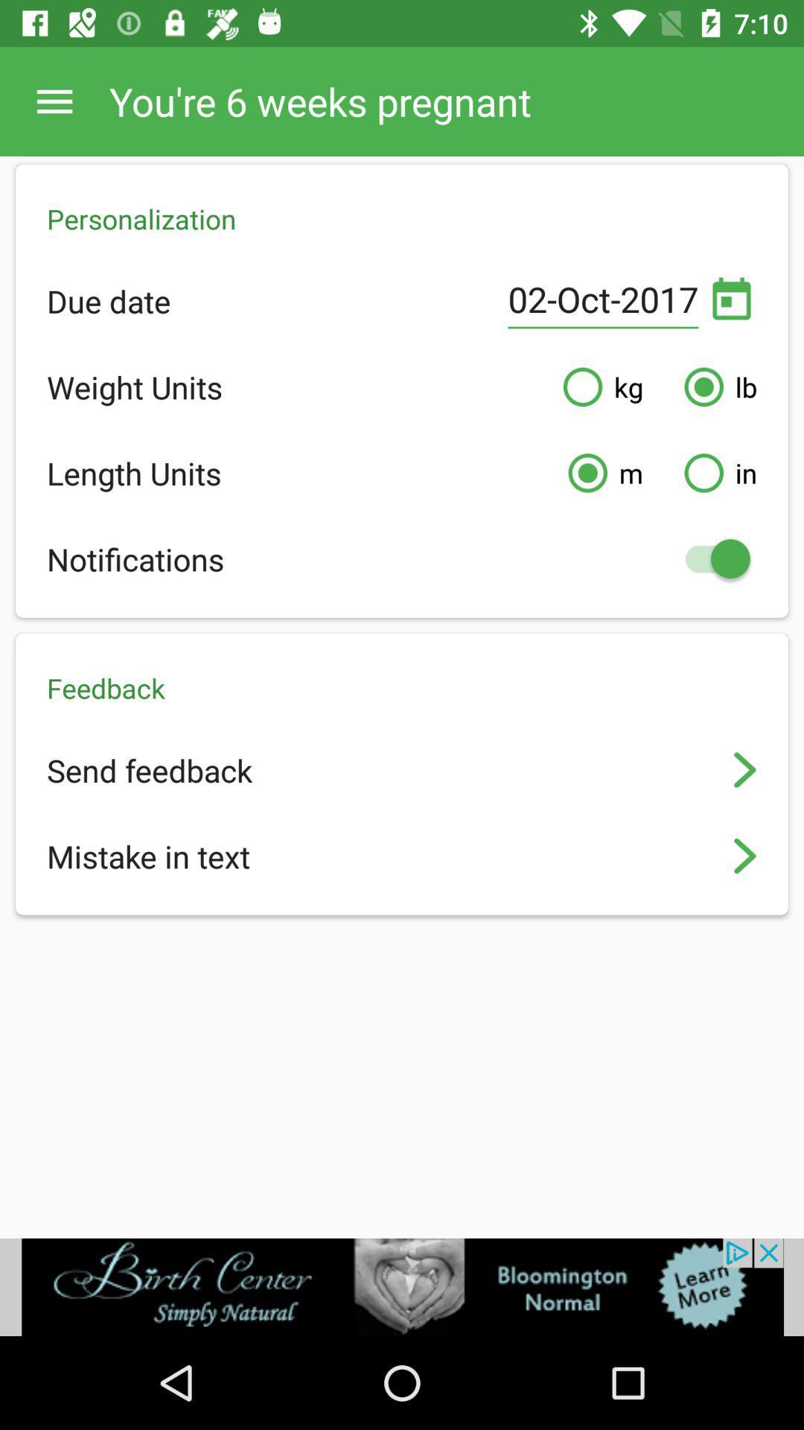 The height and width of the screenshot is (1430, 804). What do you see at coordinates (402, 1286) in the screenshot?
I see `learn about this product` at bounding box center [402, 1286].